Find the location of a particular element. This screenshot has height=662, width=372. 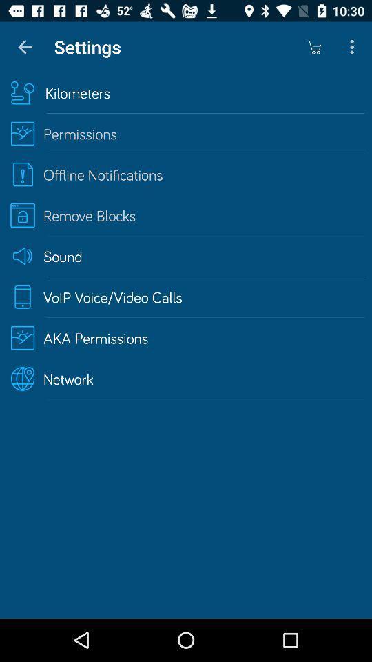

icon next to the settings icon is located at coordinates (313, 47).